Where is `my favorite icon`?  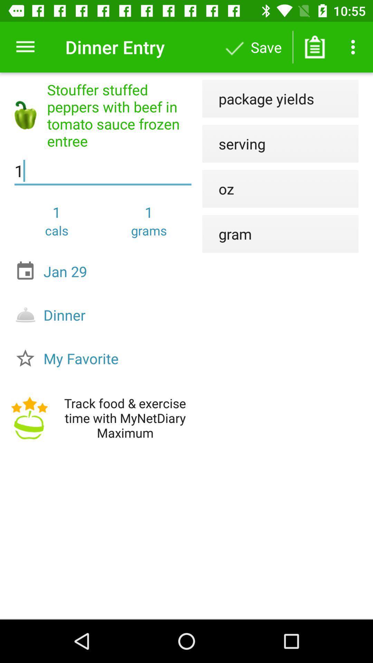
my favorite icon is located at coordinates (105, 358).